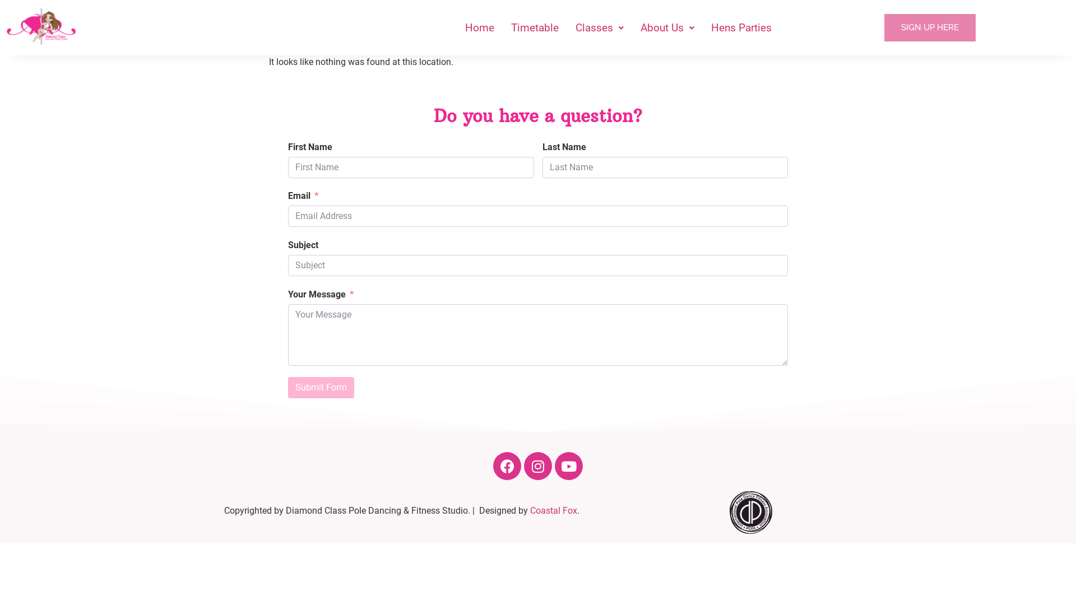 This screenshot has width=1076, height=605. I want to click on 'Classes', so click(599, 27).